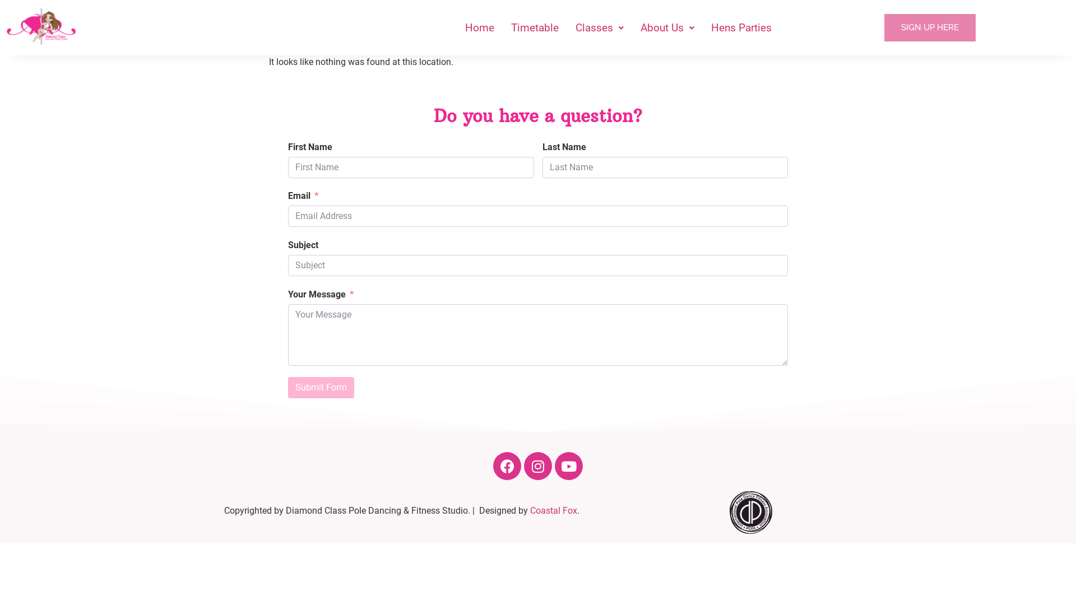 This screenshot has width=1076, height=605. I want to click on 'Classes', so click(599, 27).